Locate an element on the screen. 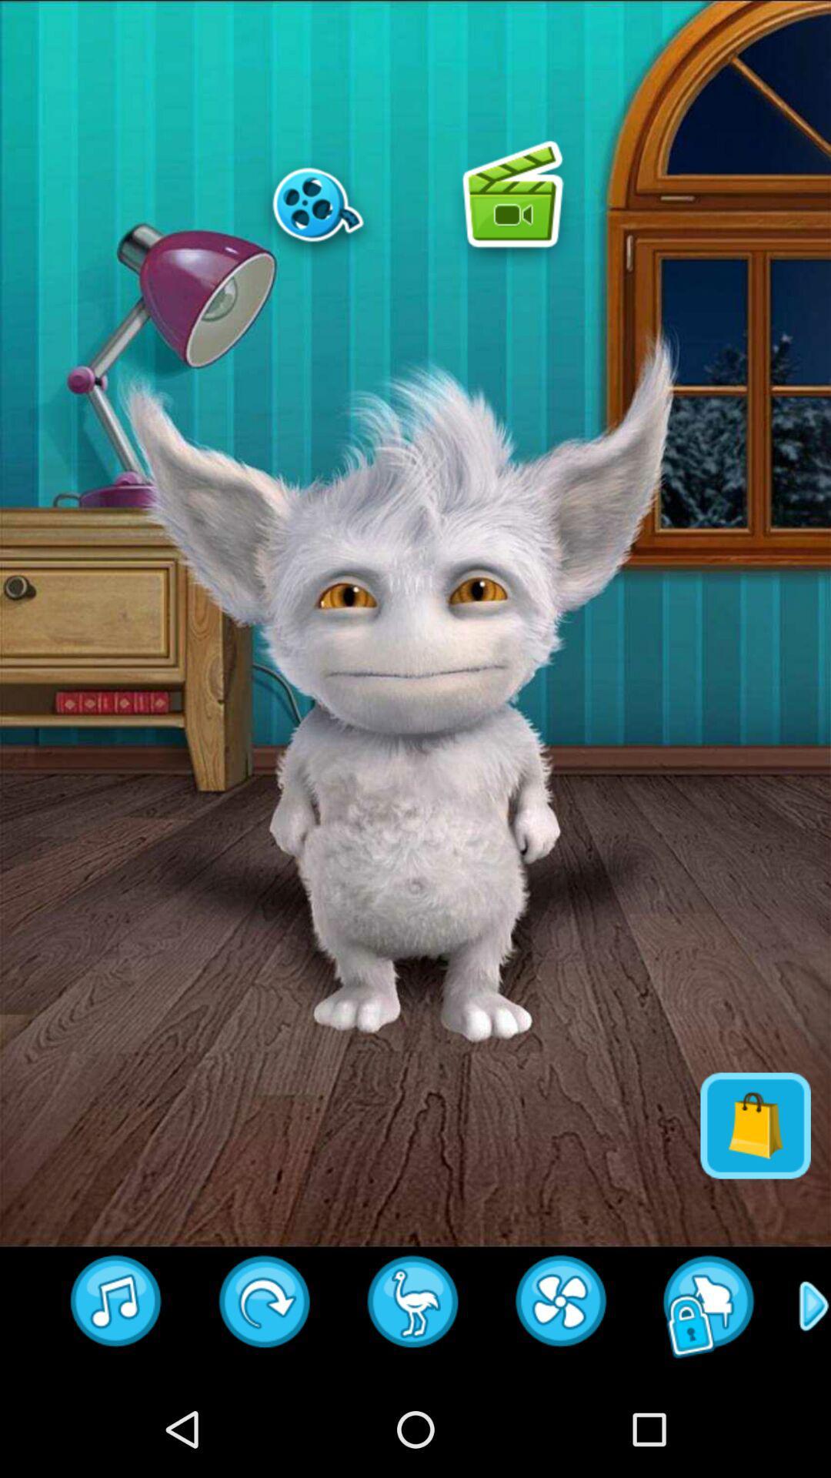 The height and width of the screenshot is (1478, 831). play is located at coordinates (512, 203).